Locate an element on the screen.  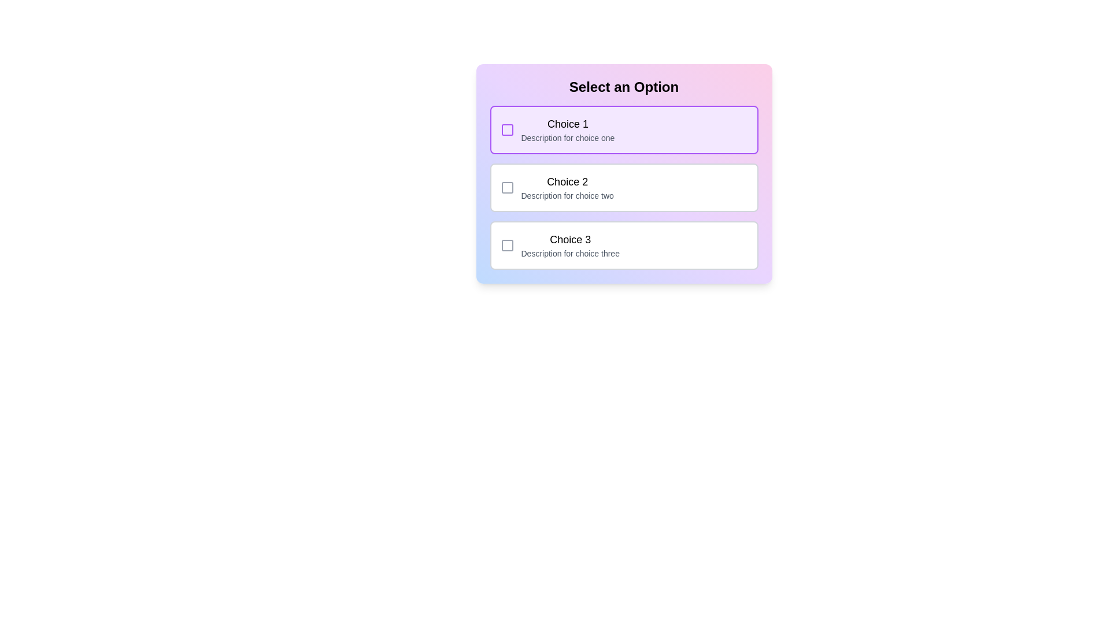
the first selectable option titled 'Choice 1' is located at coordinates (568, 129).